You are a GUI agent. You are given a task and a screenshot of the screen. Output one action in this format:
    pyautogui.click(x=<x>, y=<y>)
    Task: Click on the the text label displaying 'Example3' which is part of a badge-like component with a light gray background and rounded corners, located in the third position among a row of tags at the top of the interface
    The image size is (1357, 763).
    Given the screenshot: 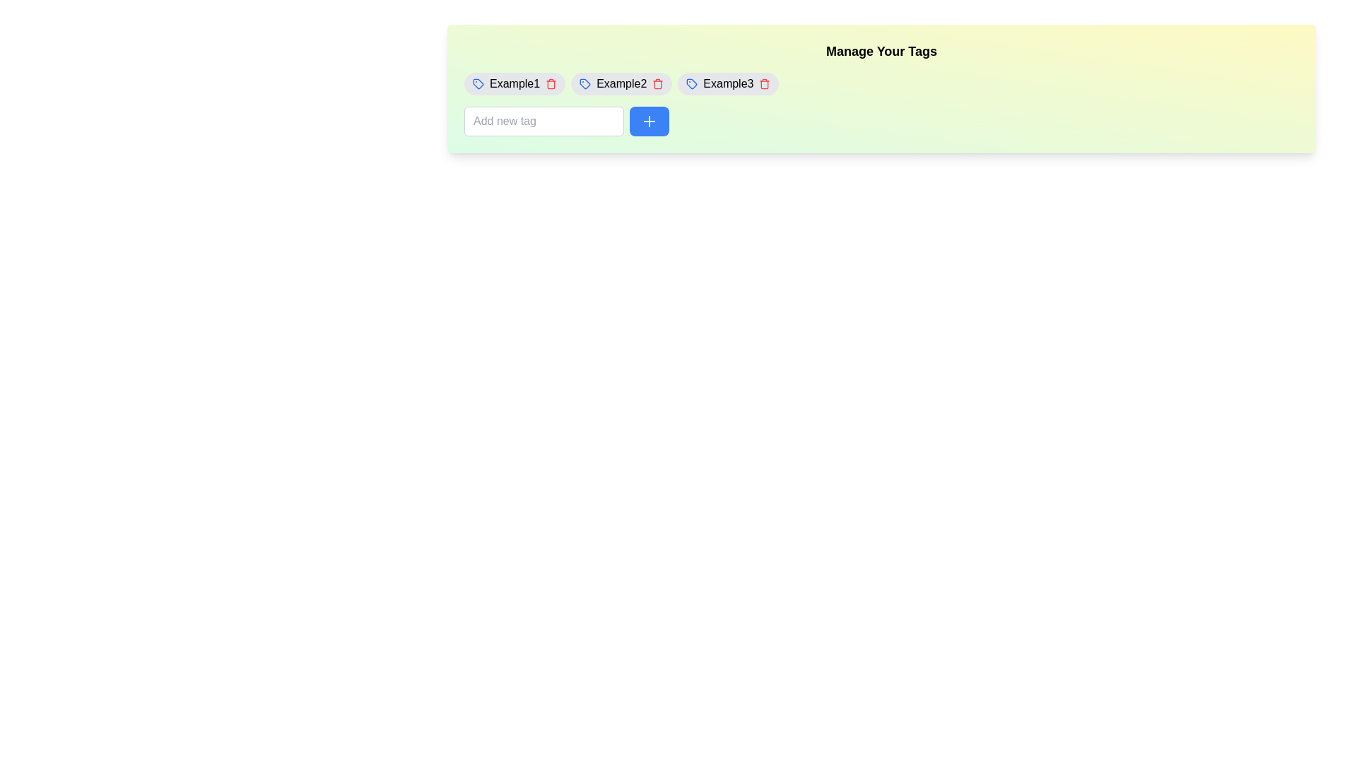 What is the action you would take?
    pyautogui.click(x=728, y=84)
    